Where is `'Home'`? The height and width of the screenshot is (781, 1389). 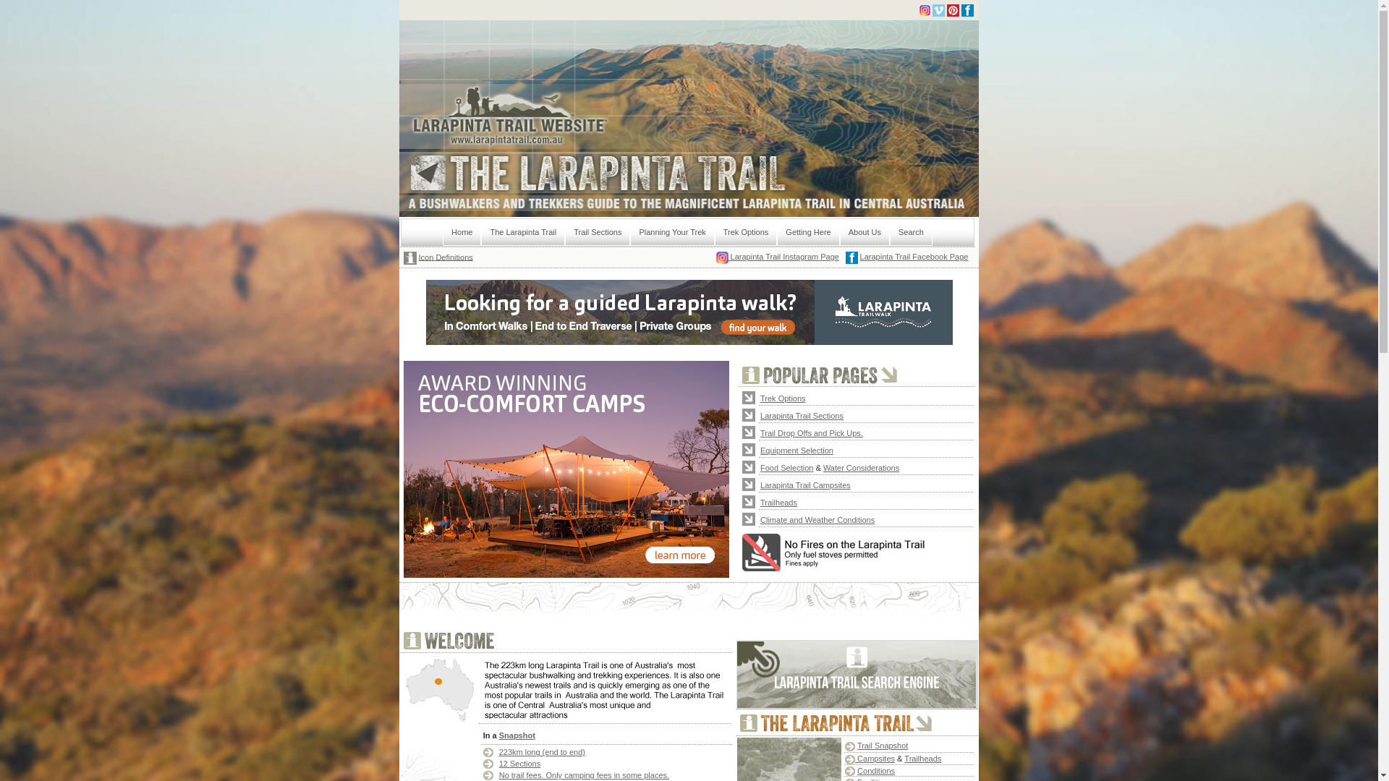
'Home' is located at coordinates (461, 231).